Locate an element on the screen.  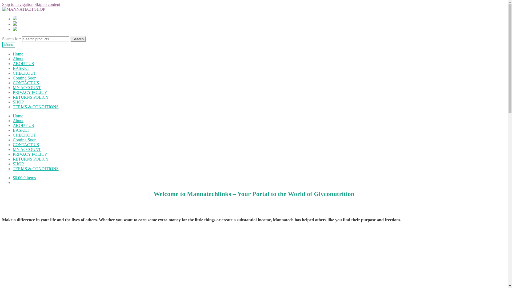
'About' is located at coordinates (18, 121).